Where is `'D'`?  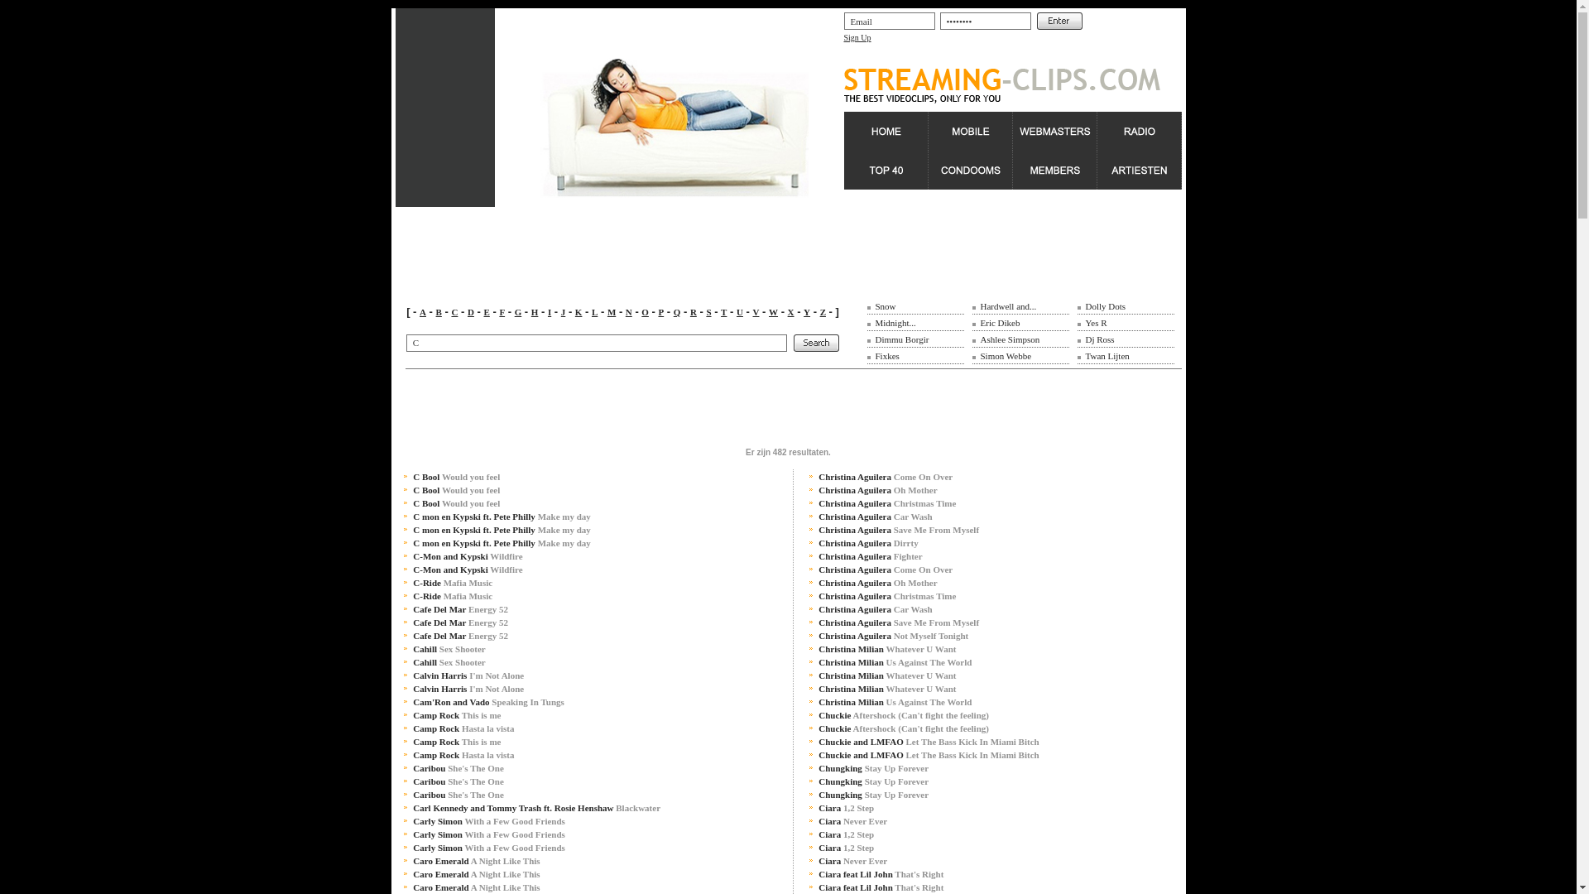 'D' is located at coordinates (467, 312).